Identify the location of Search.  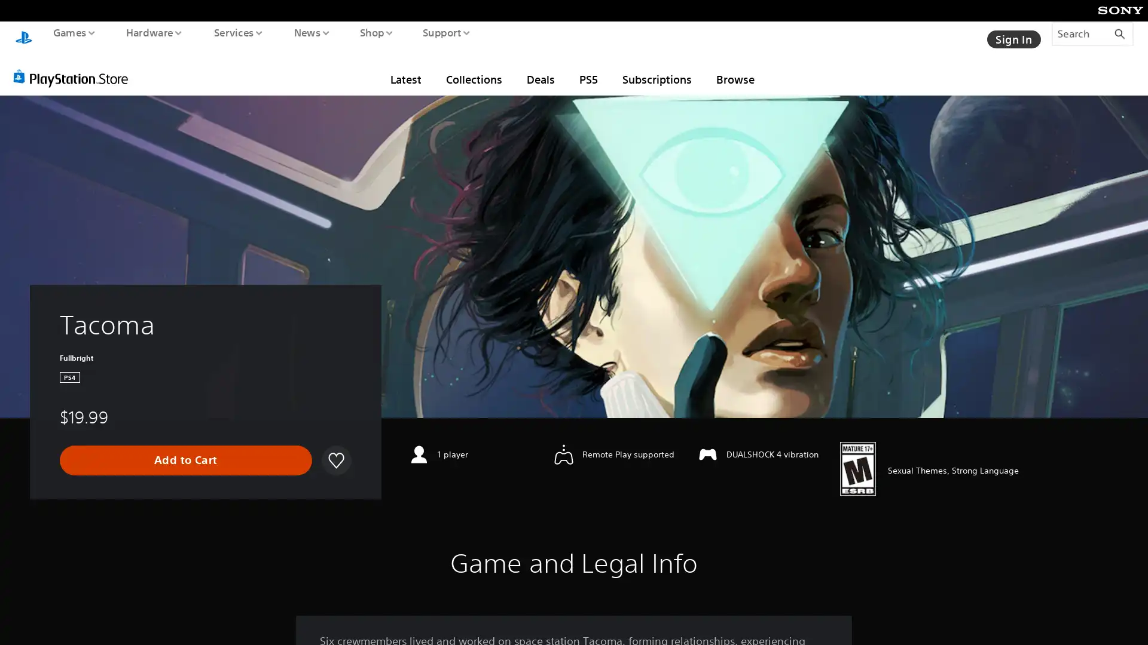
(1092, 33).